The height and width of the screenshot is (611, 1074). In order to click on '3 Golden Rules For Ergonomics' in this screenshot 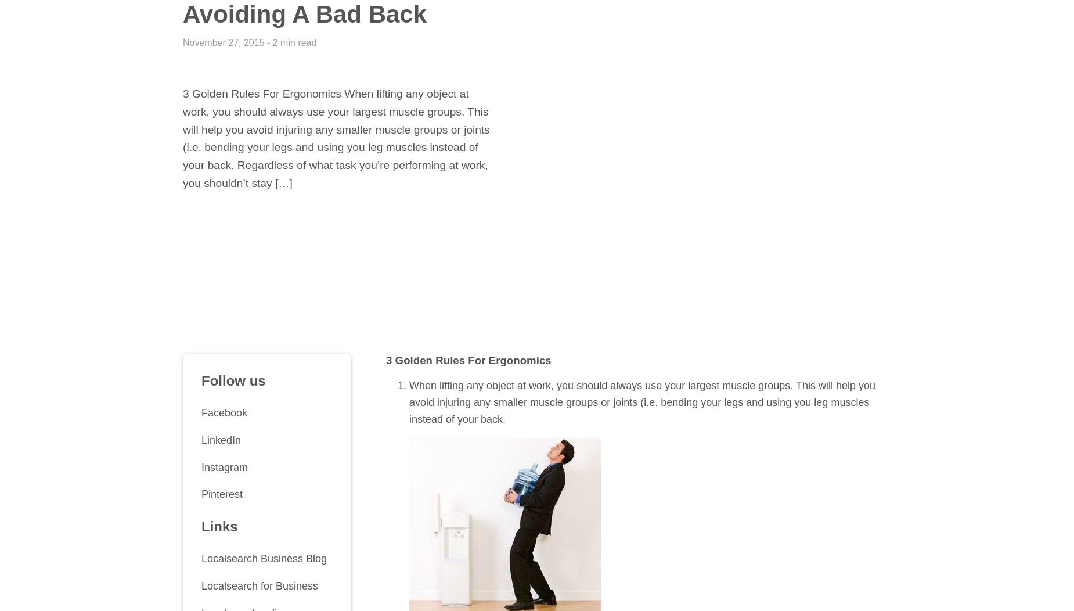, I will do `click(468, 360)`.